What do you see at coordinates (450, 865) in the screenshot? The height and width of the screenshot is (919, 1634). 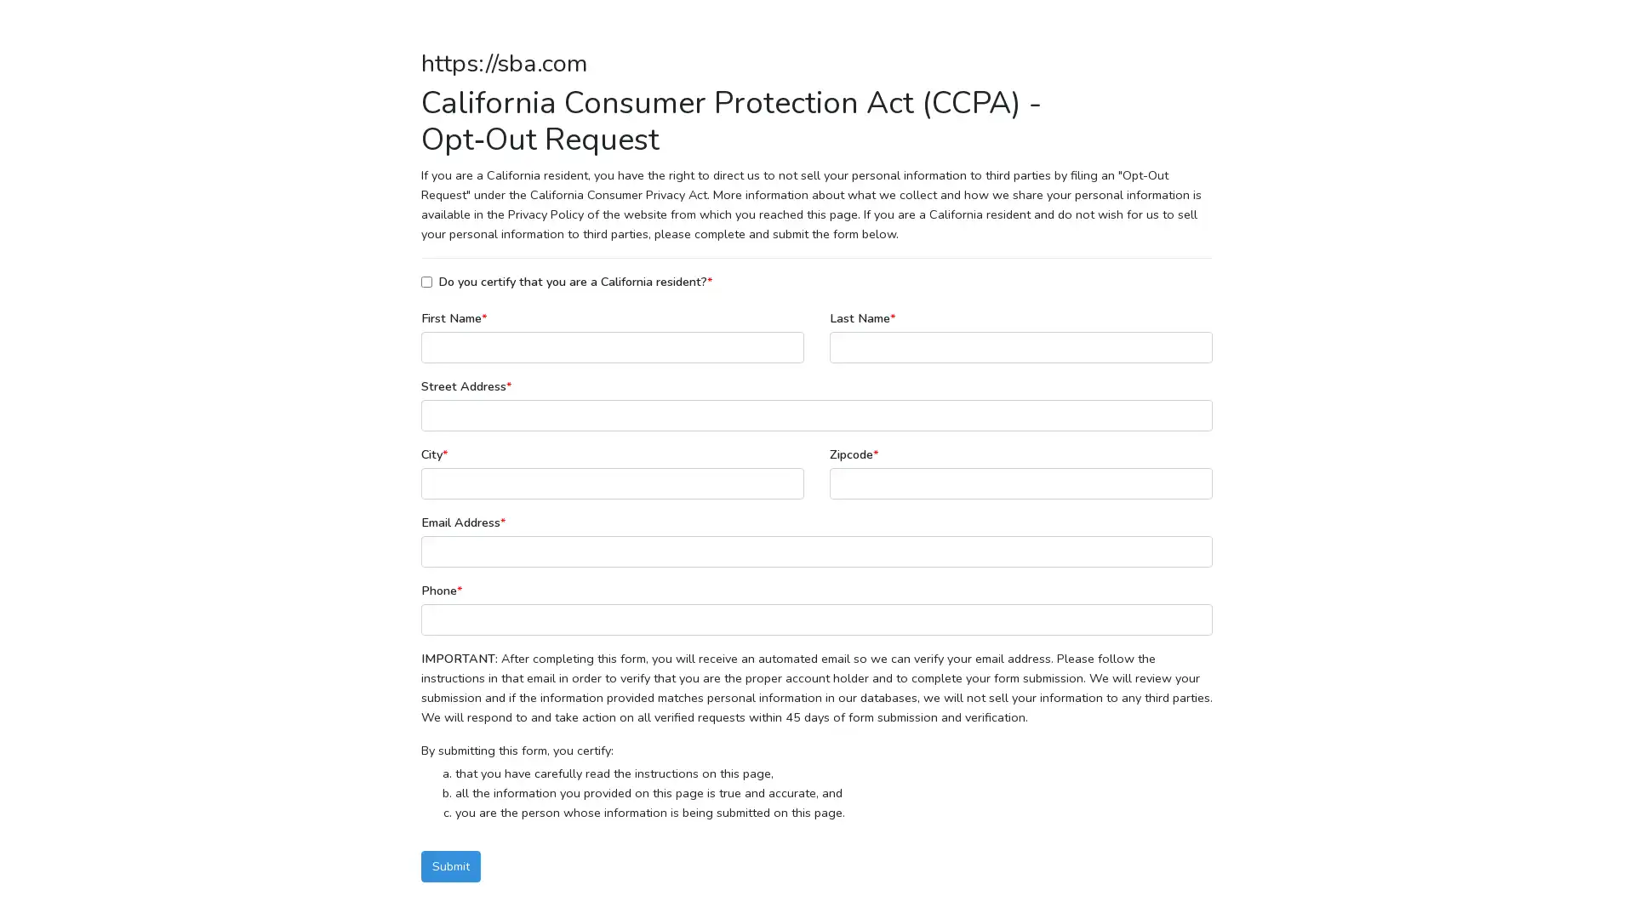 I see `Submit` at bounding box center [450, 865].